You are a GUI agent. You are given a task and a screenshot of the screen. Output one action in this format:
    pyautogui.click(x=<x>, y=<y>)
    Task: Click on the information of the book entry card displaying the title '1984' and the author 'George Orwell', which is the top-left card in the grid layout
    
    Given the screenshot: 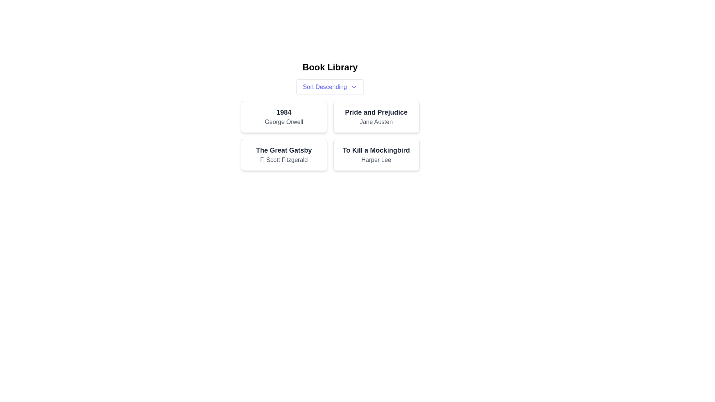 What is the action you would take?
    pyautogui.click(x=283, y=117)
    